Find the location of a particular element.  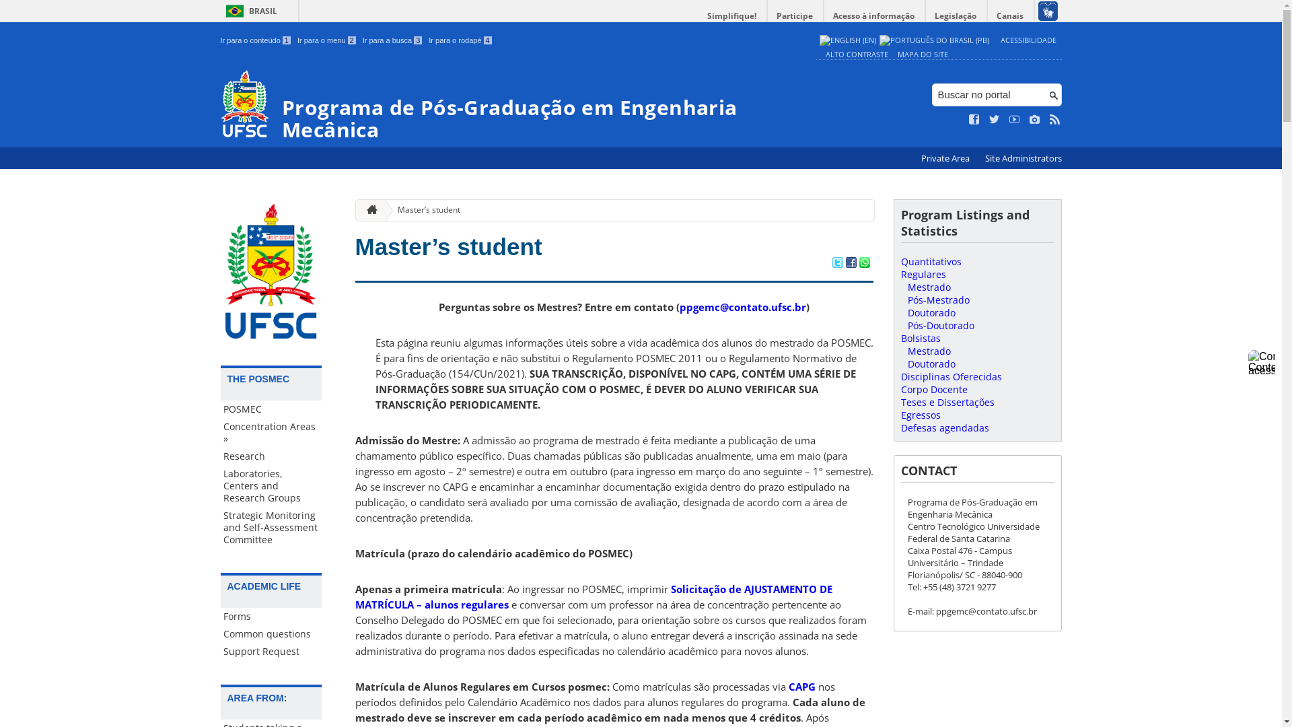

'Canais' is located at coordinates (1011, 15).